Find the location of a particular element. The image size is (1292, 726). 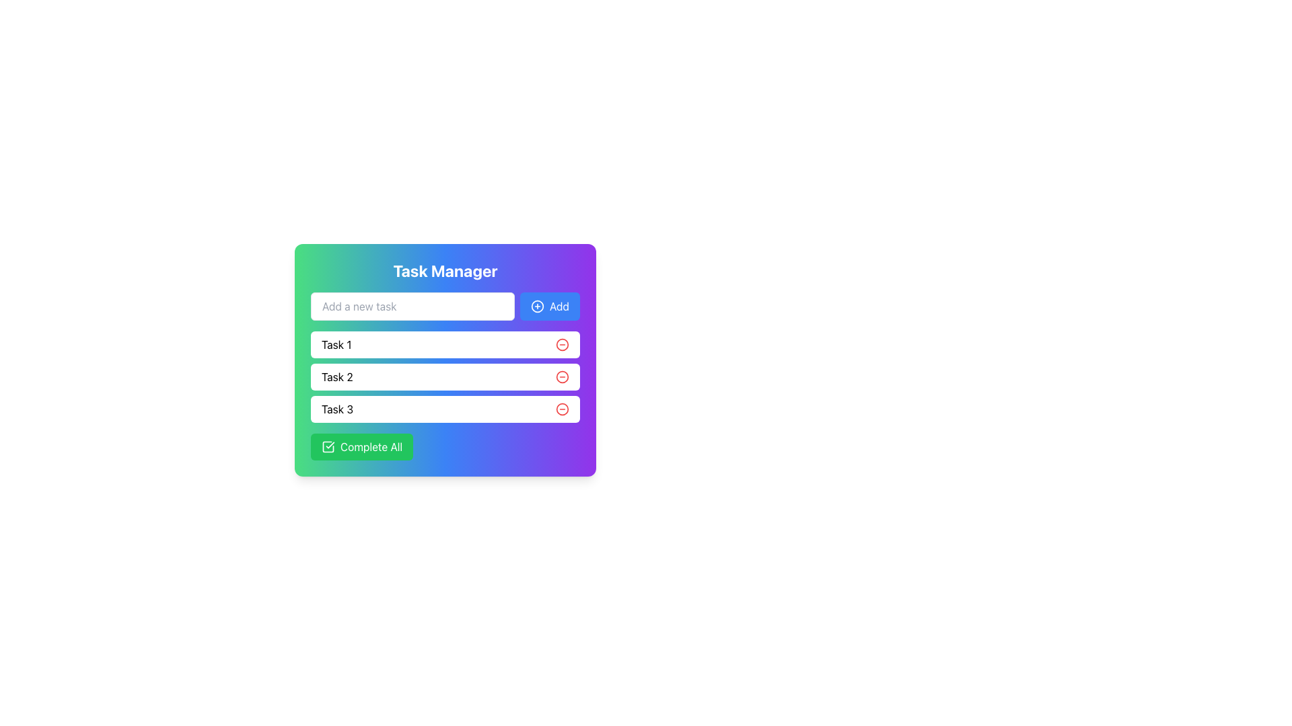

the square check icon with a bold outline and a checkmark inside, located to the left of the 'Complete All' text in a green button is located at coordinates (328, 446).